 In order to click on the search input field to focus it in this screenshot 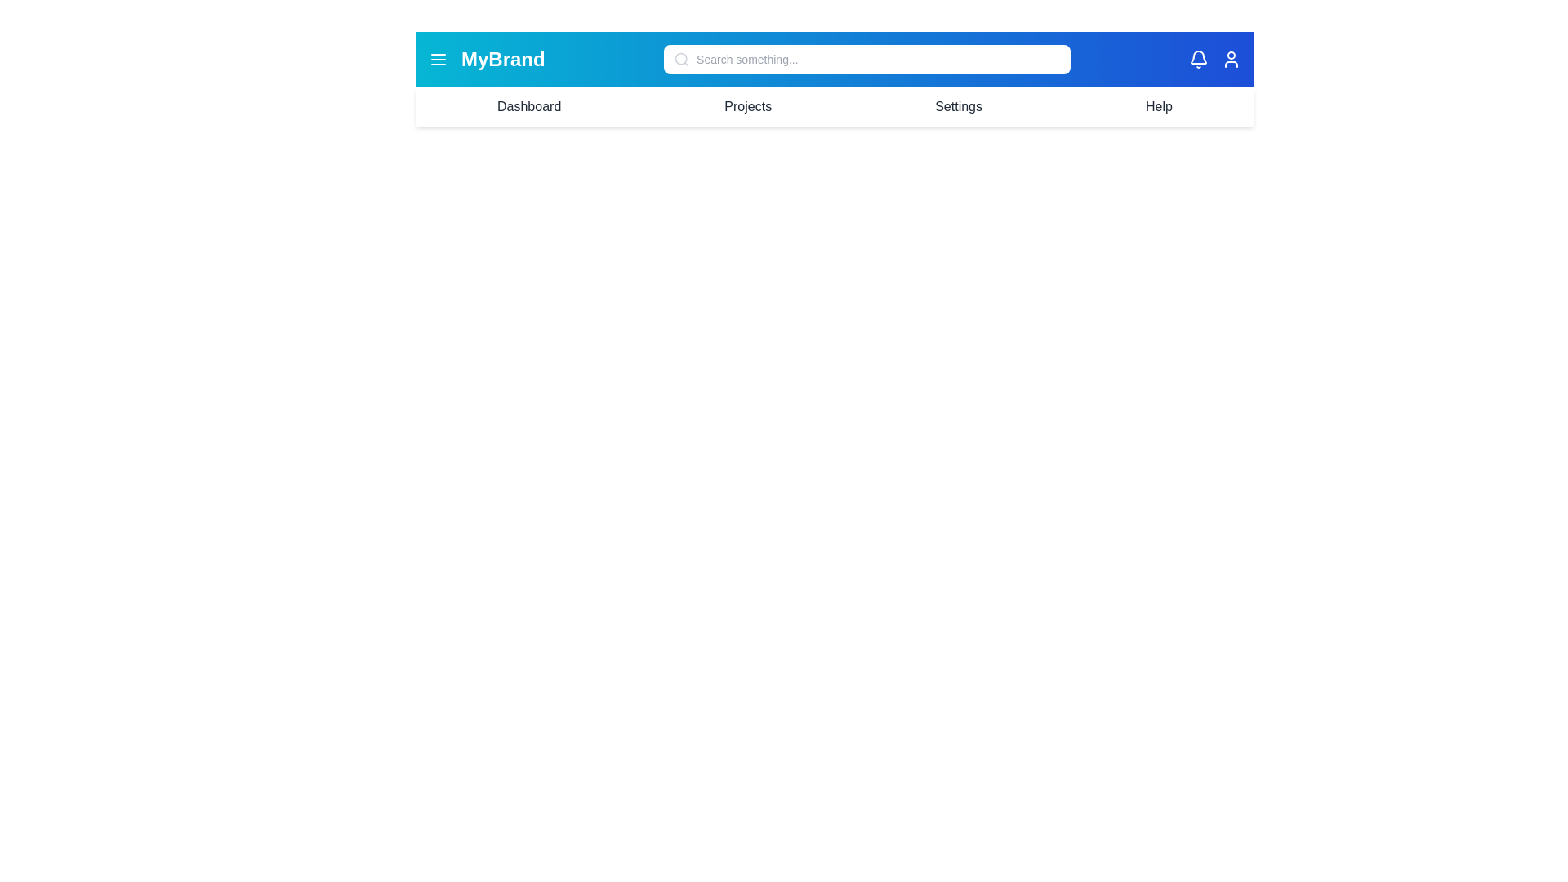, I will do `click(865, 59)`.